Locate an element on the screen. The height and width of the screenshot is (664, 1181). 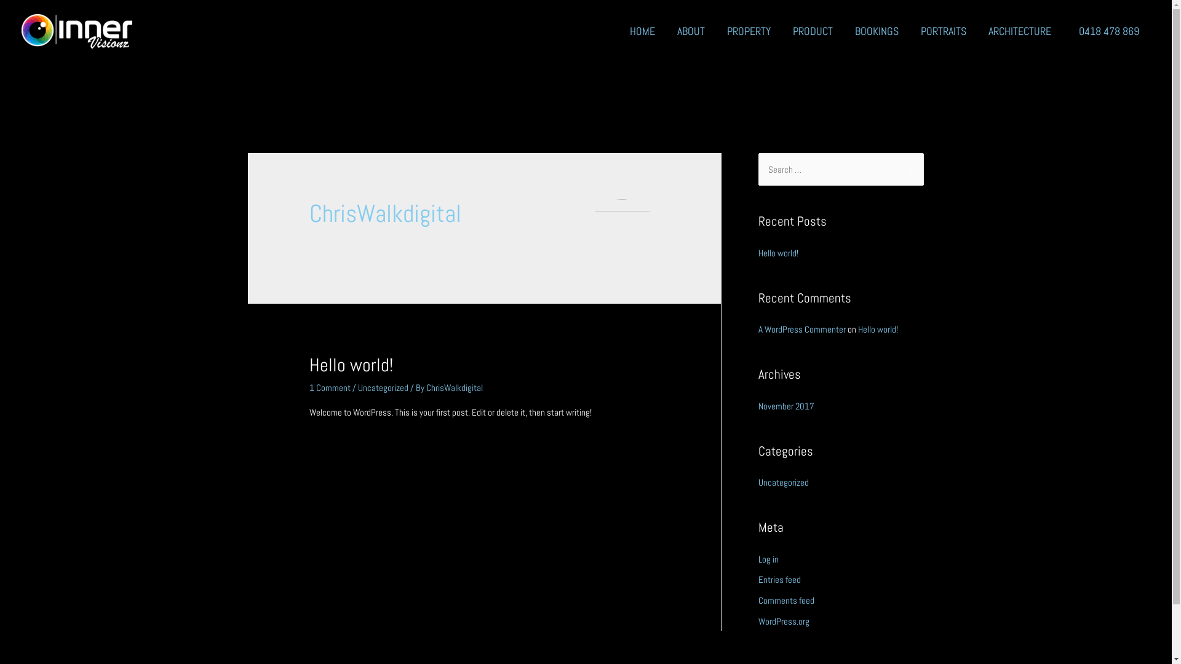
'Entries feed' is located at coordinates (778, 579).